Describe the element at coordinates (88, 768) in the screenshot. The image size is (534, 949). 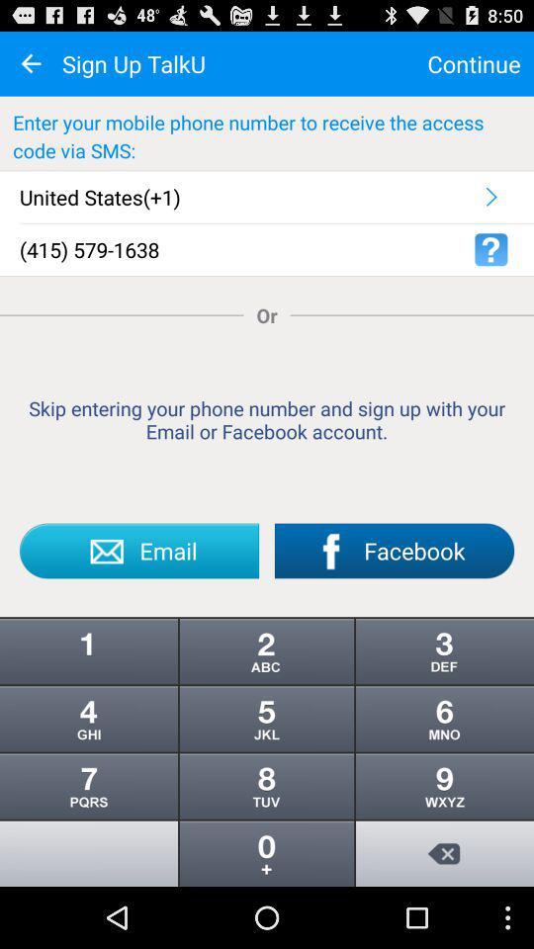
I see `the more icon` at that location.